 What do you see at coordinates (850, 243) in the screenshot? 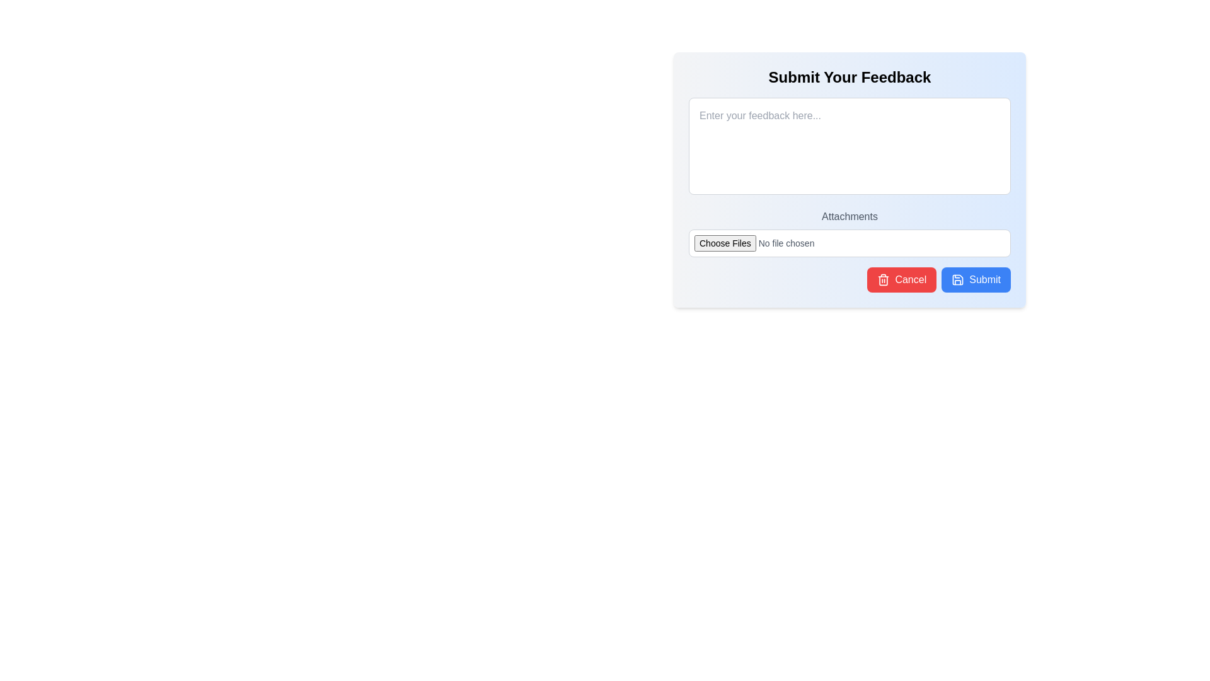
I see `and drop a file onto the file input field located under the 'Attachments' heading in the feedback submission form, which has a button labeled 'Choose Files' and a text area displaying 'No file chosen'` at bounding box center [850, 243].